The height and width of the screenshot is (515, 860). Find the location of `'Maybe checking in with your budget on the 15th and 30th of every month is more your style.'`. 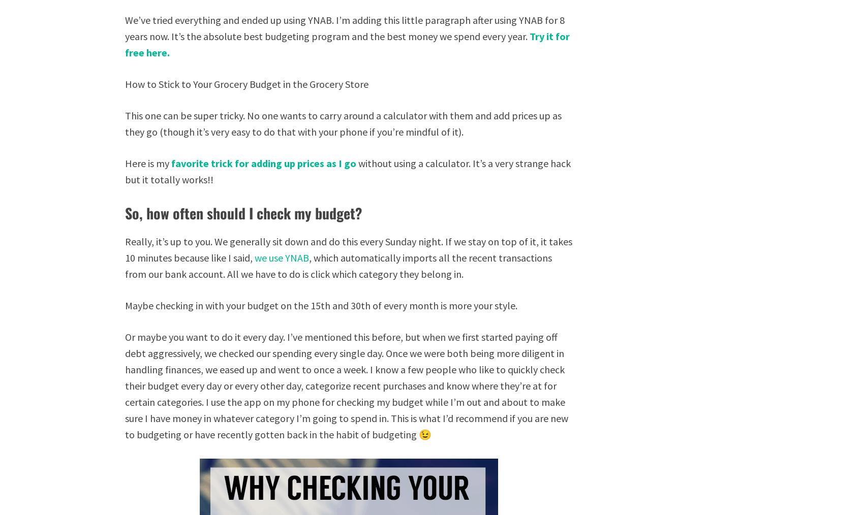

'Maybe checking in with your budget on the 15th and 30th of every month is more your style.' is located at coordinates (320, 305).